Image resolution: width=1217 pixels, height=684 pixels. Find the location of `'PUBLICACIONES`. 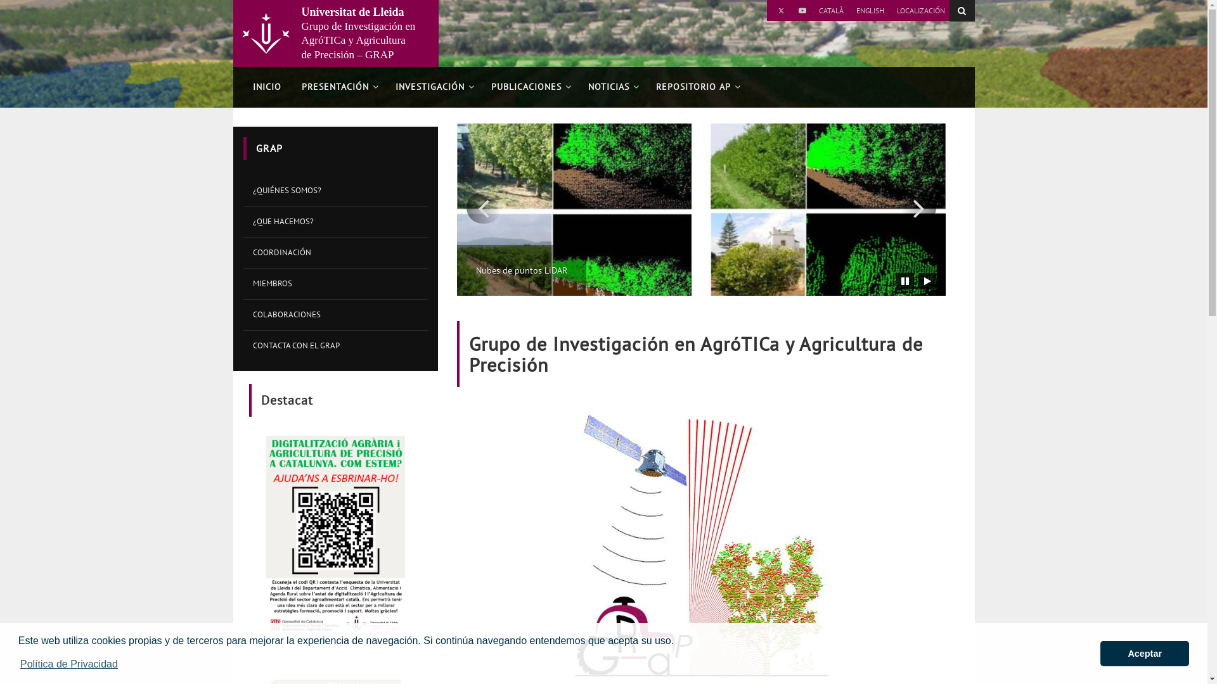

'PUBLICACIONES is located at coordinates (529, 87).